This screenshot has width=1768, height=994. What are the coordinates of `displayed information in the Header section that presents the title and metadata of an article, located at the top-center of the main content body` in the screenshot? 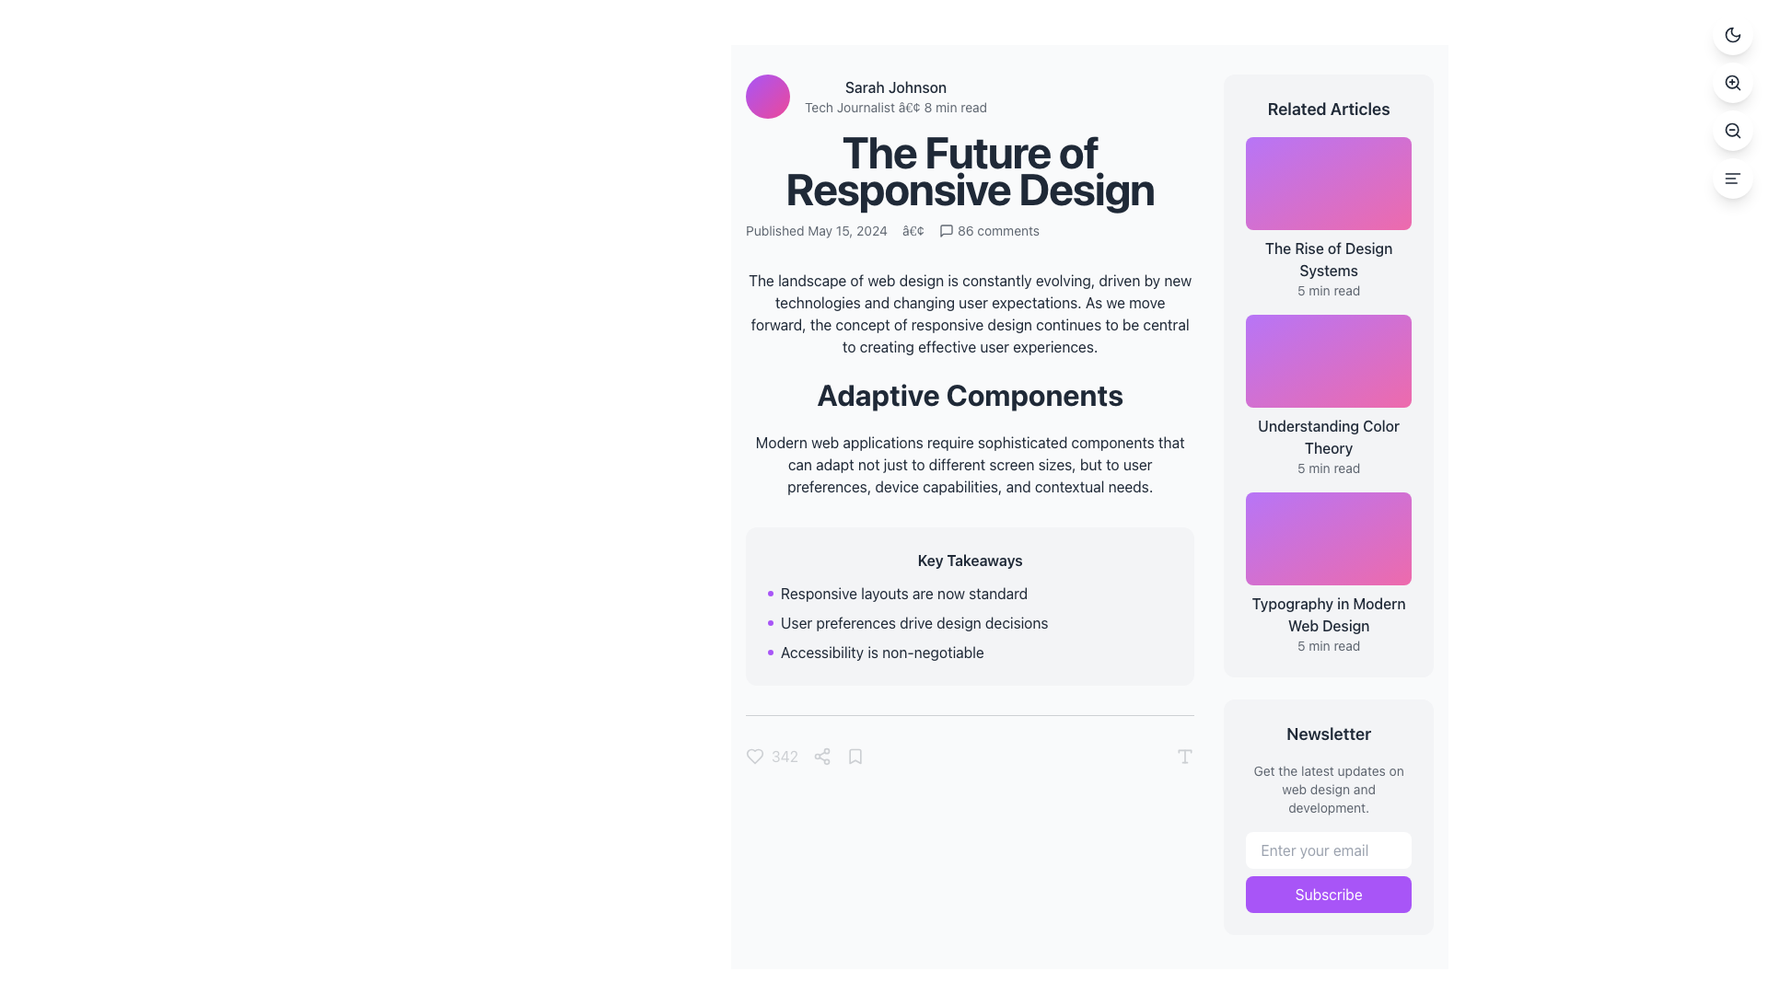 It's located at (969, 156).